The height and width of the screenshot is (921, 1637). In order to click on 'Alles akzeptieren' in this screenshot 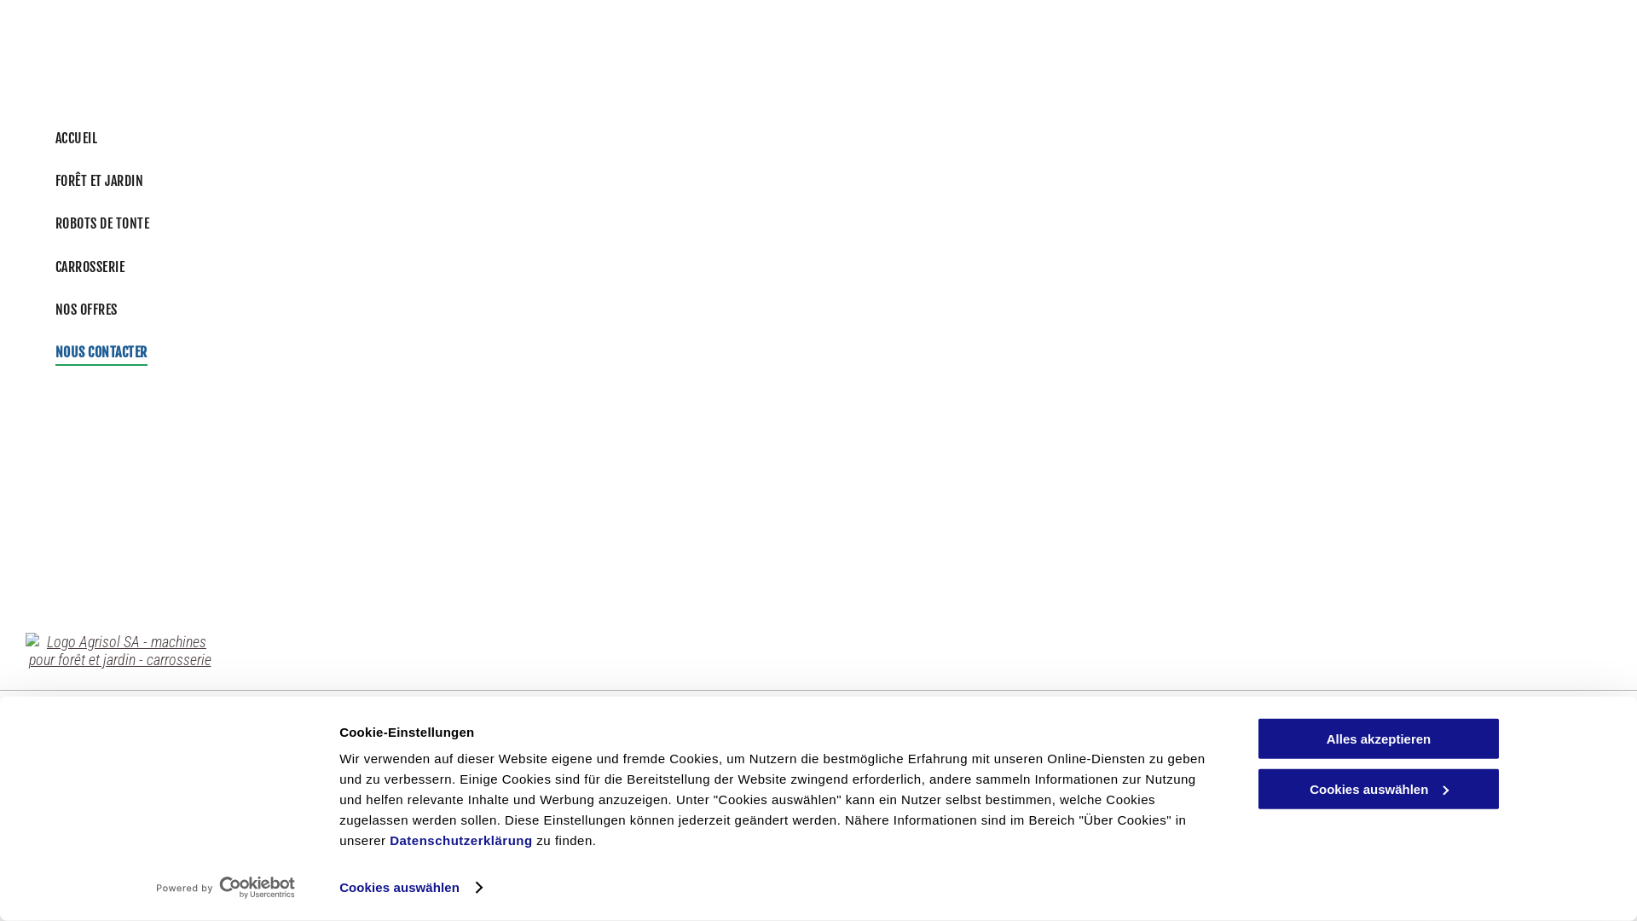, I will do `click(1256, 738)`.